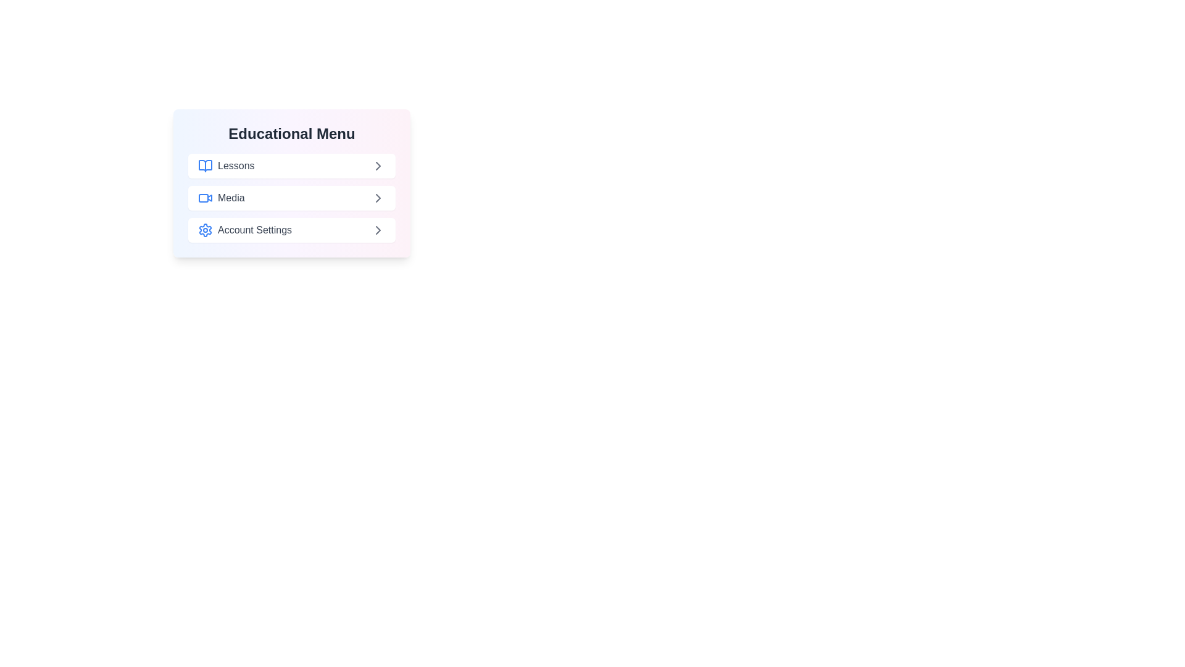 Image resolution: width=1185 pixels, height=667 pixels. What do you see at coordinates (205, 230) in the screenshot?
I see `the settings icon located to the left of the 'Account Settings' text in the third row of the Educational Menu` at bounding box center [205, 230].